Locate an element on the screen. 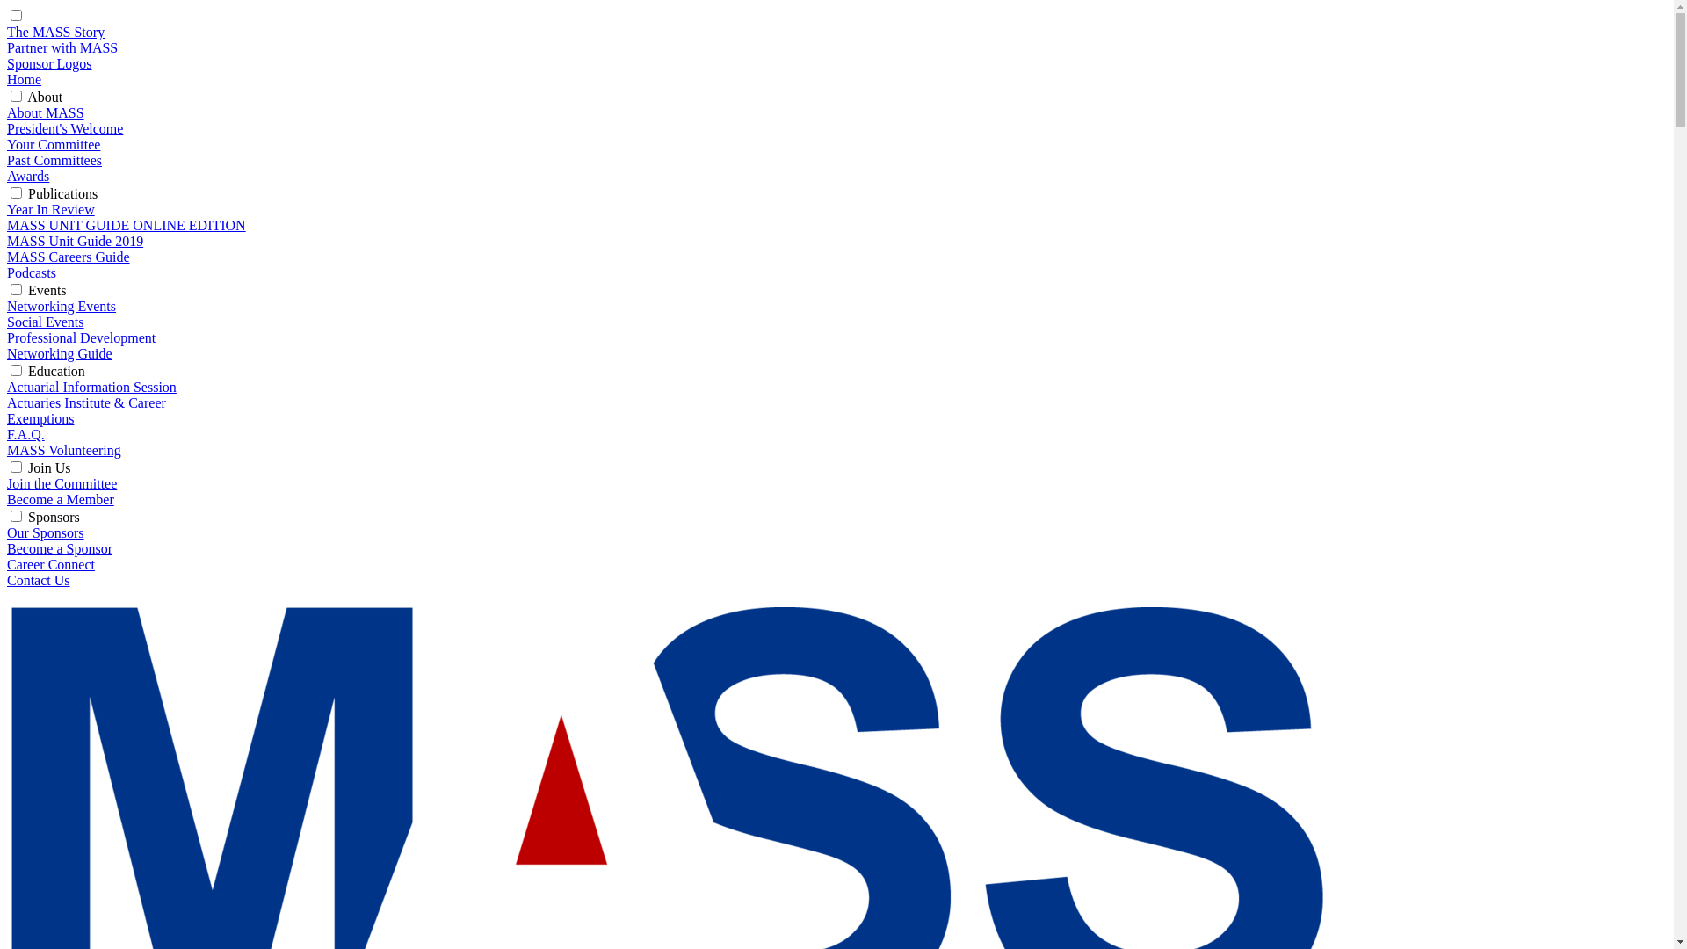 The height and width of the screenshot is (949, 1687). 'Networking Guide' is located at coordinates (59, 353).